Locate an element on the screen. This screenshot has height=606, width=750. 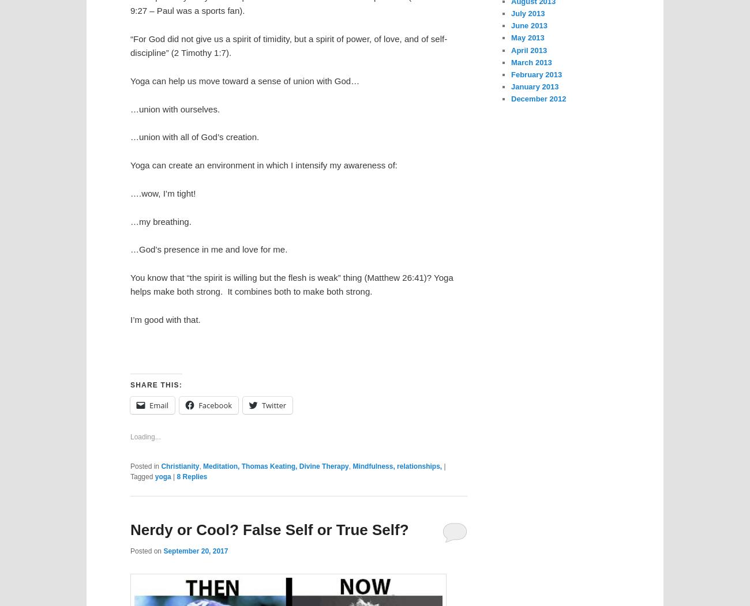
'8' is located at coordinates (178, 476).